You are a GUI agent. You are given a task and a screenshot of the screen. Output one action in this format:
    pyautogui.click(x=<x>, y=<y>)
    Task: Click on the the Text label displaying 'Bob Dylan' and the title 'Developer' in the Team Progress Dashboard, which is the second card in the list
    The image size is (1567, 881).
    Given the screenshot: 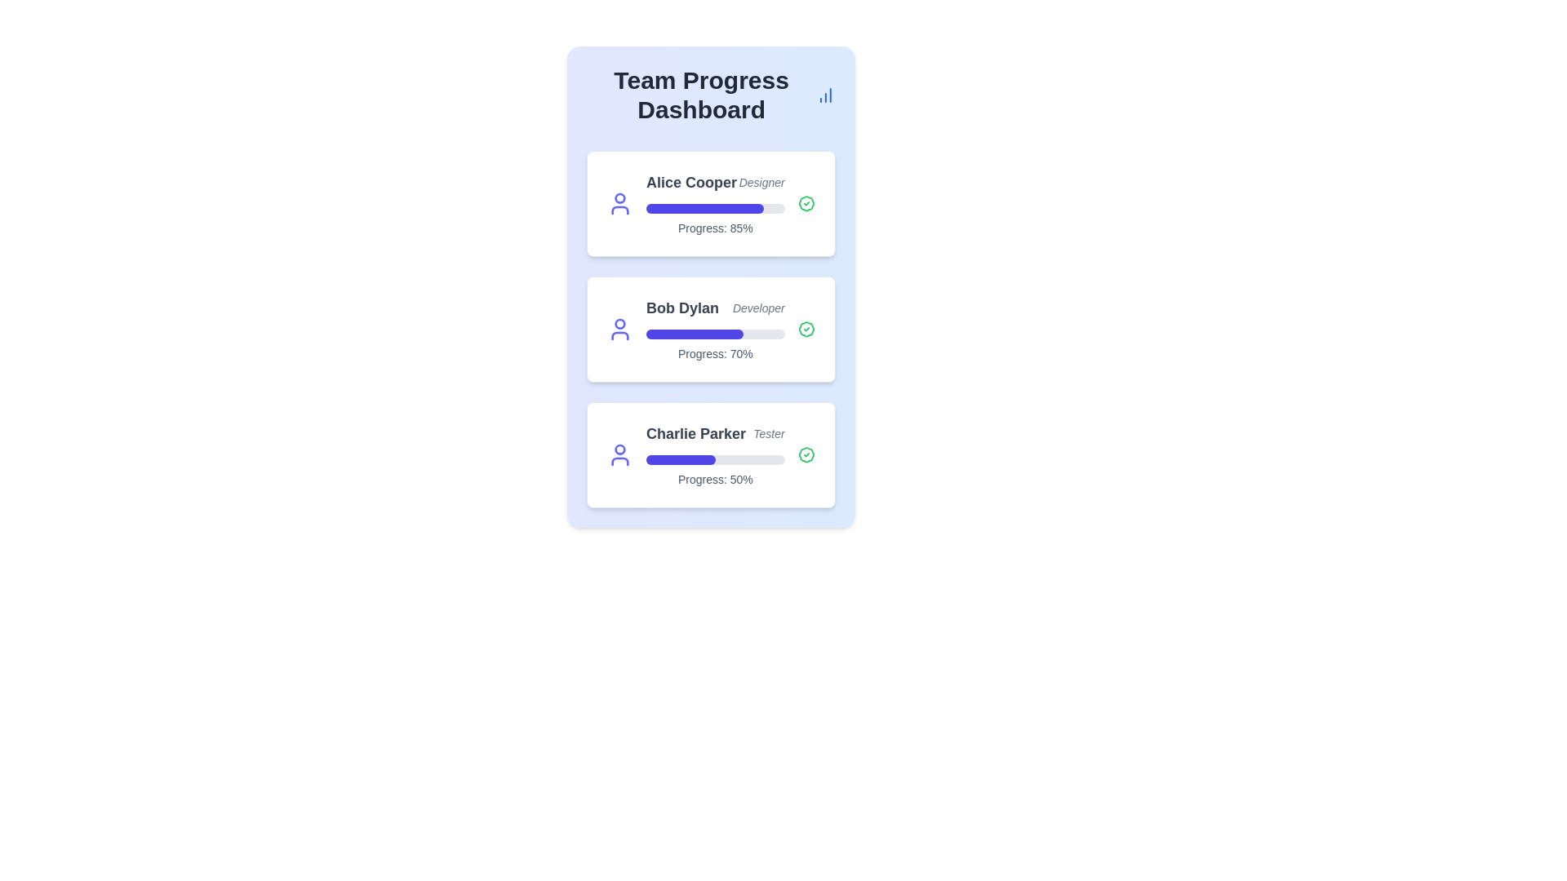 What is the action you would take?
    pyautogui.click(x=715, y=308)
    